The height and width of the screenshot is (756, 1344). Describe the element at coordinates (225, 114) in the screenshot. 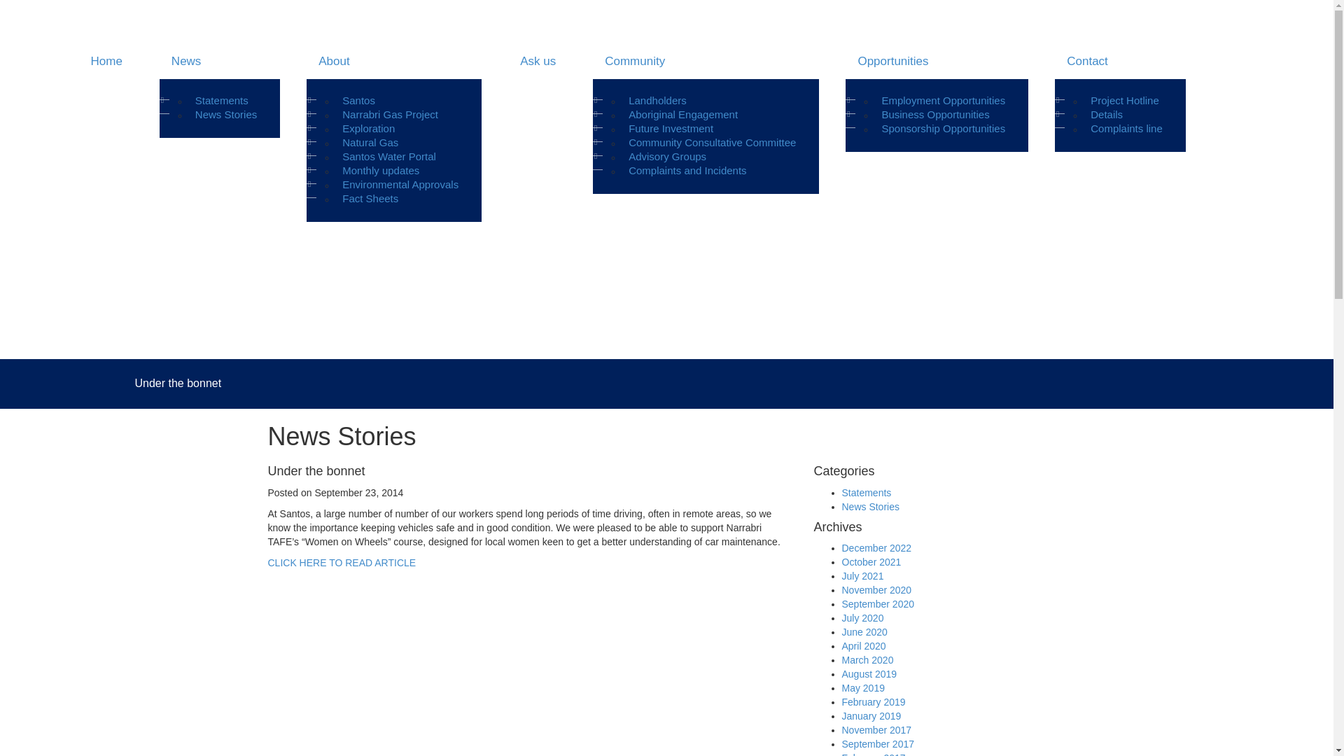

I see `'News Stories'` at that location.